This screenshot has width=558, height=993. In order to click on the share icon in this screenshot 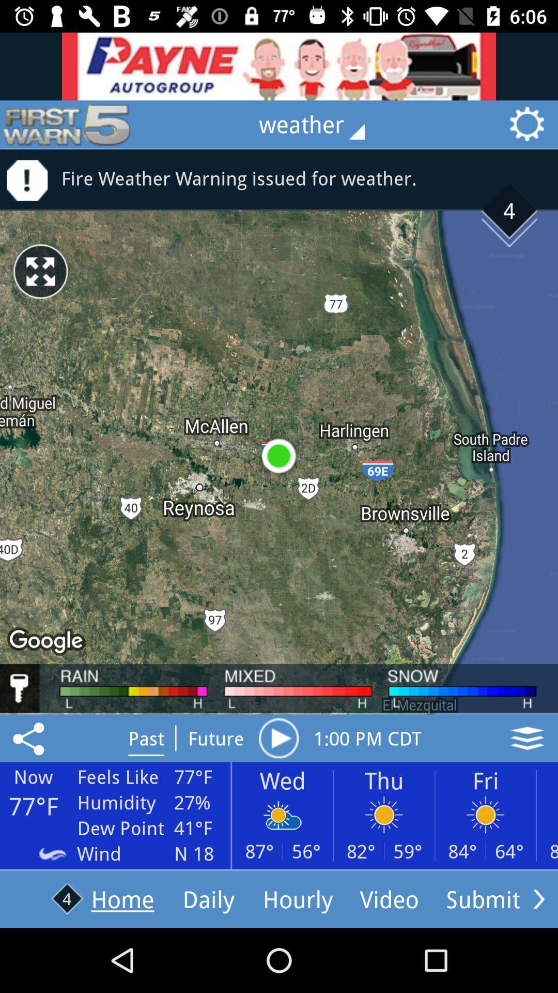, I will do `click(30, 738)`.